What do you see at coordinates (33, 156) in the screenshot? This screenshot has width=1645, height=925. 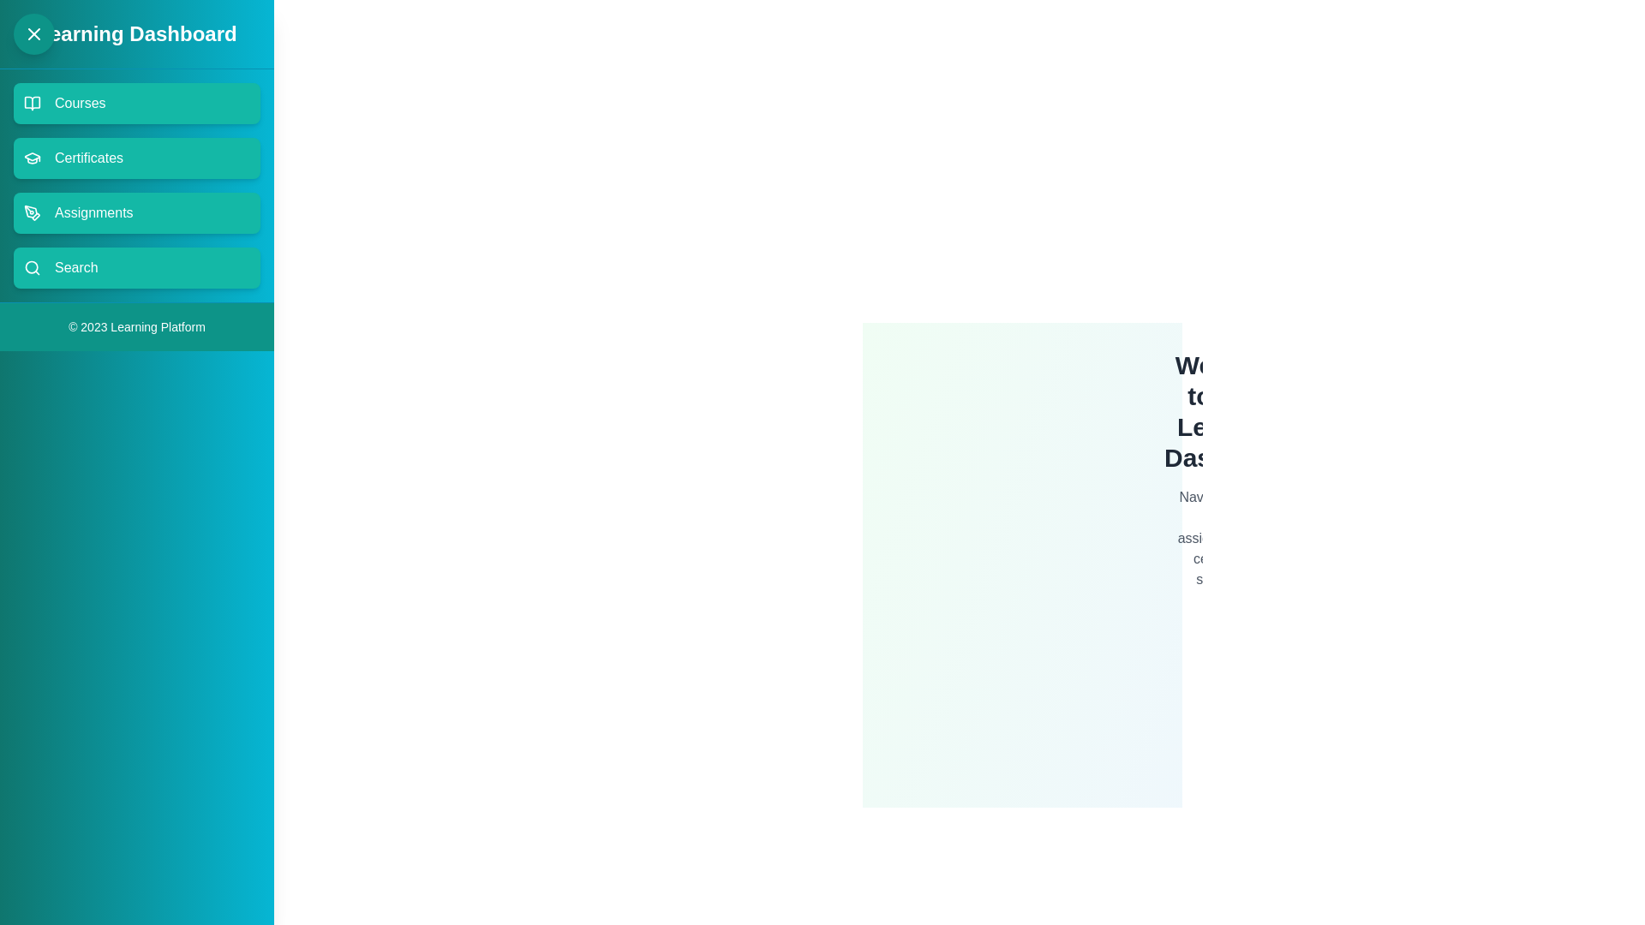 I see `the small white SVG icon resembling a stylized cap, located near the left side of the sidebar, aligned with the 'Certificates' button text` at bounding box center [33, 156].